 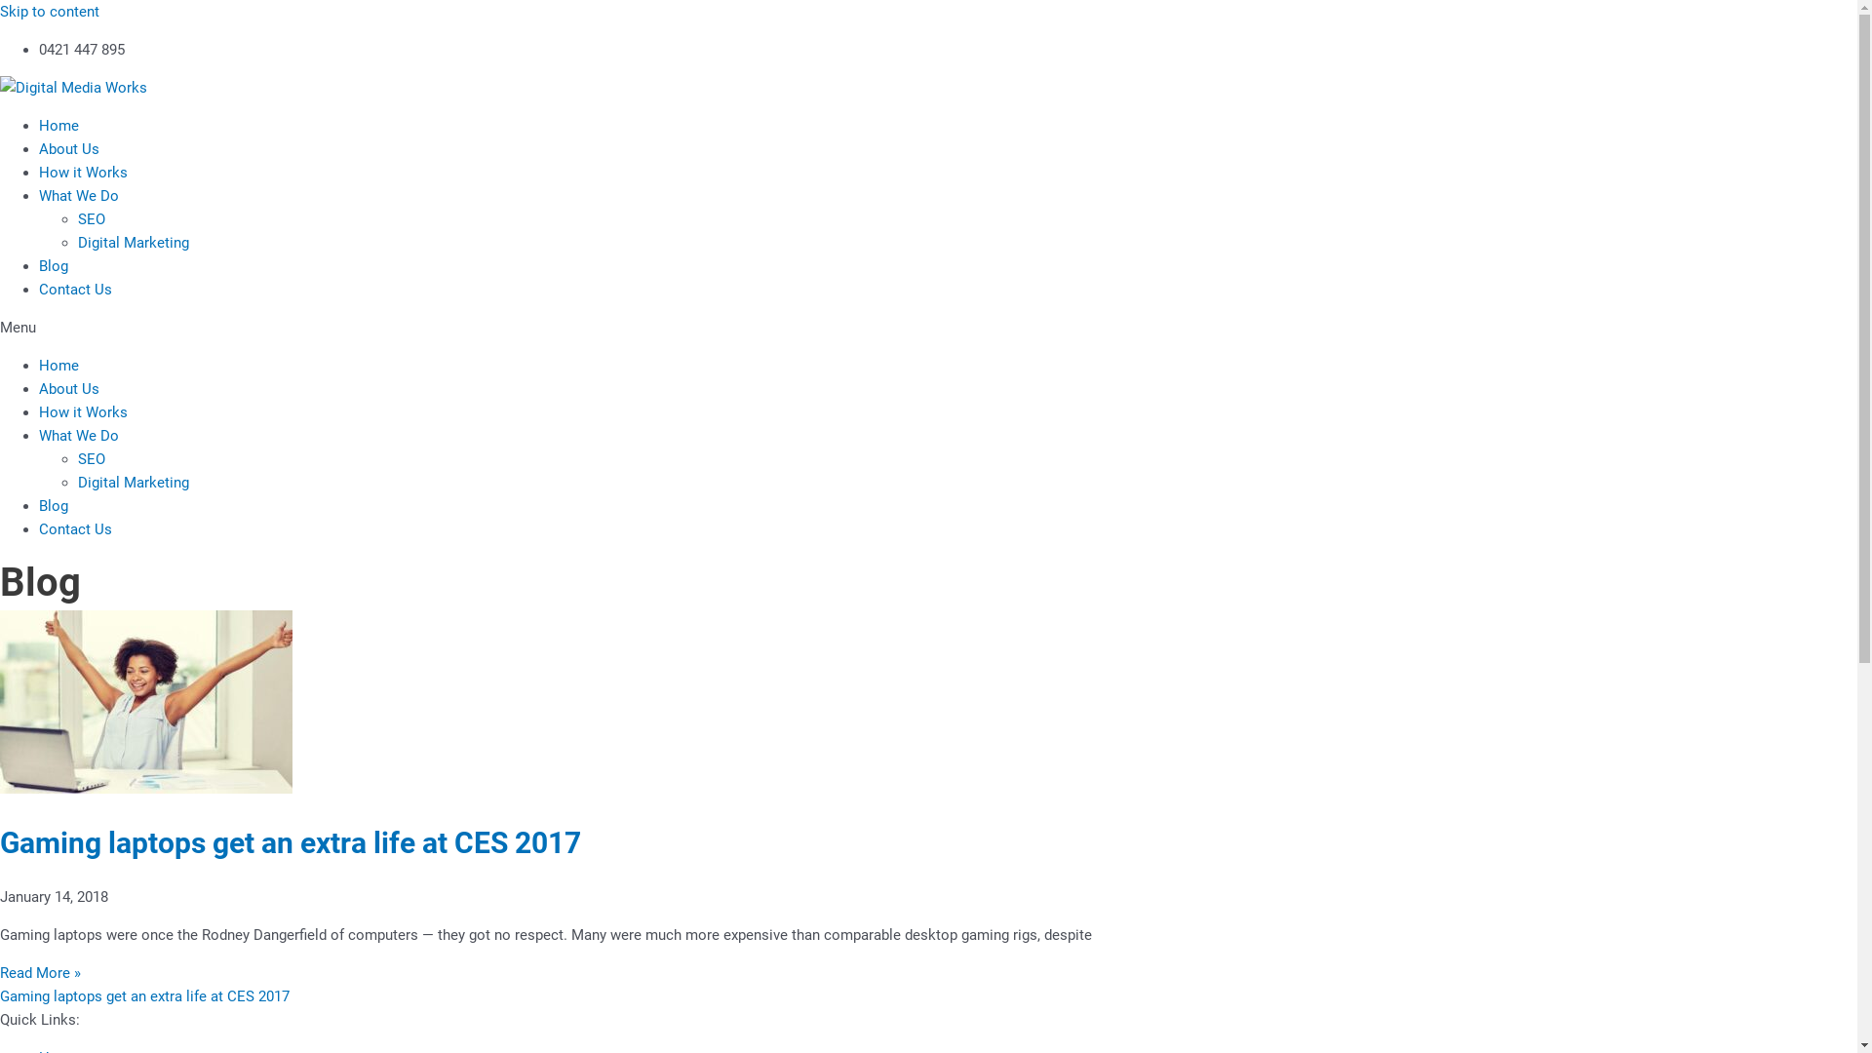 I want to click on 'Contact Us', so click(x=75, y=529).